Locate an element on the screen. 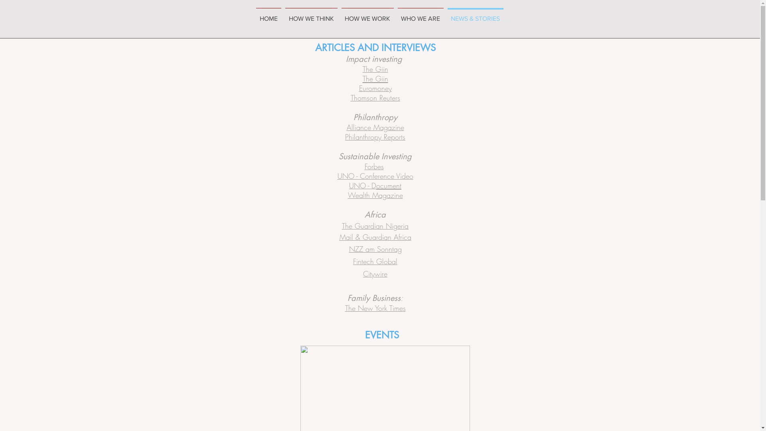 The image size is (766, 431). 'Alliance Magazine' is located at coordinates (375, 127).